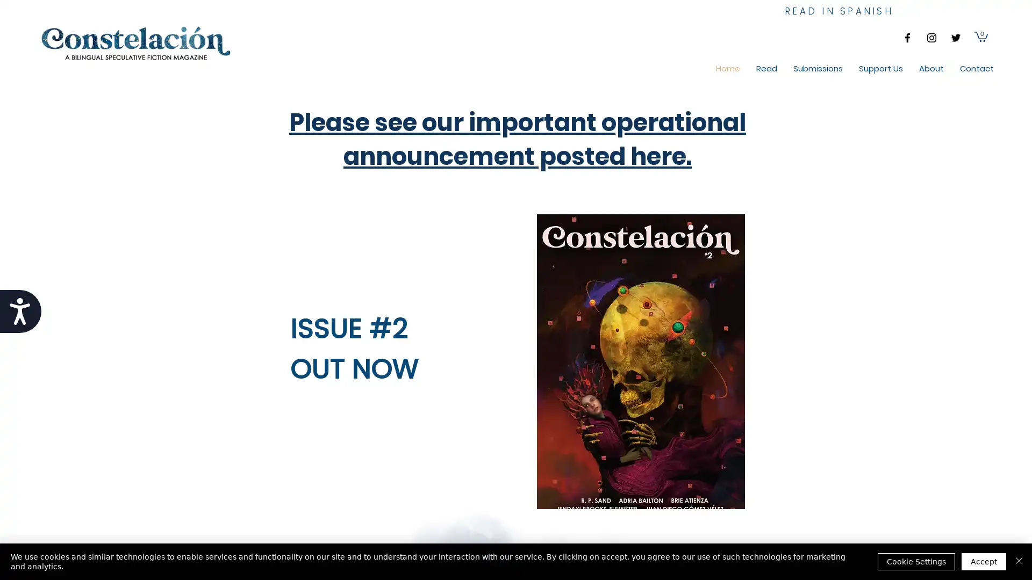 The image size is (1032, 580). What do you see at coordinates (1019, 561) in the screenshot?
I see `Close` at bounding box center [1019, 561].